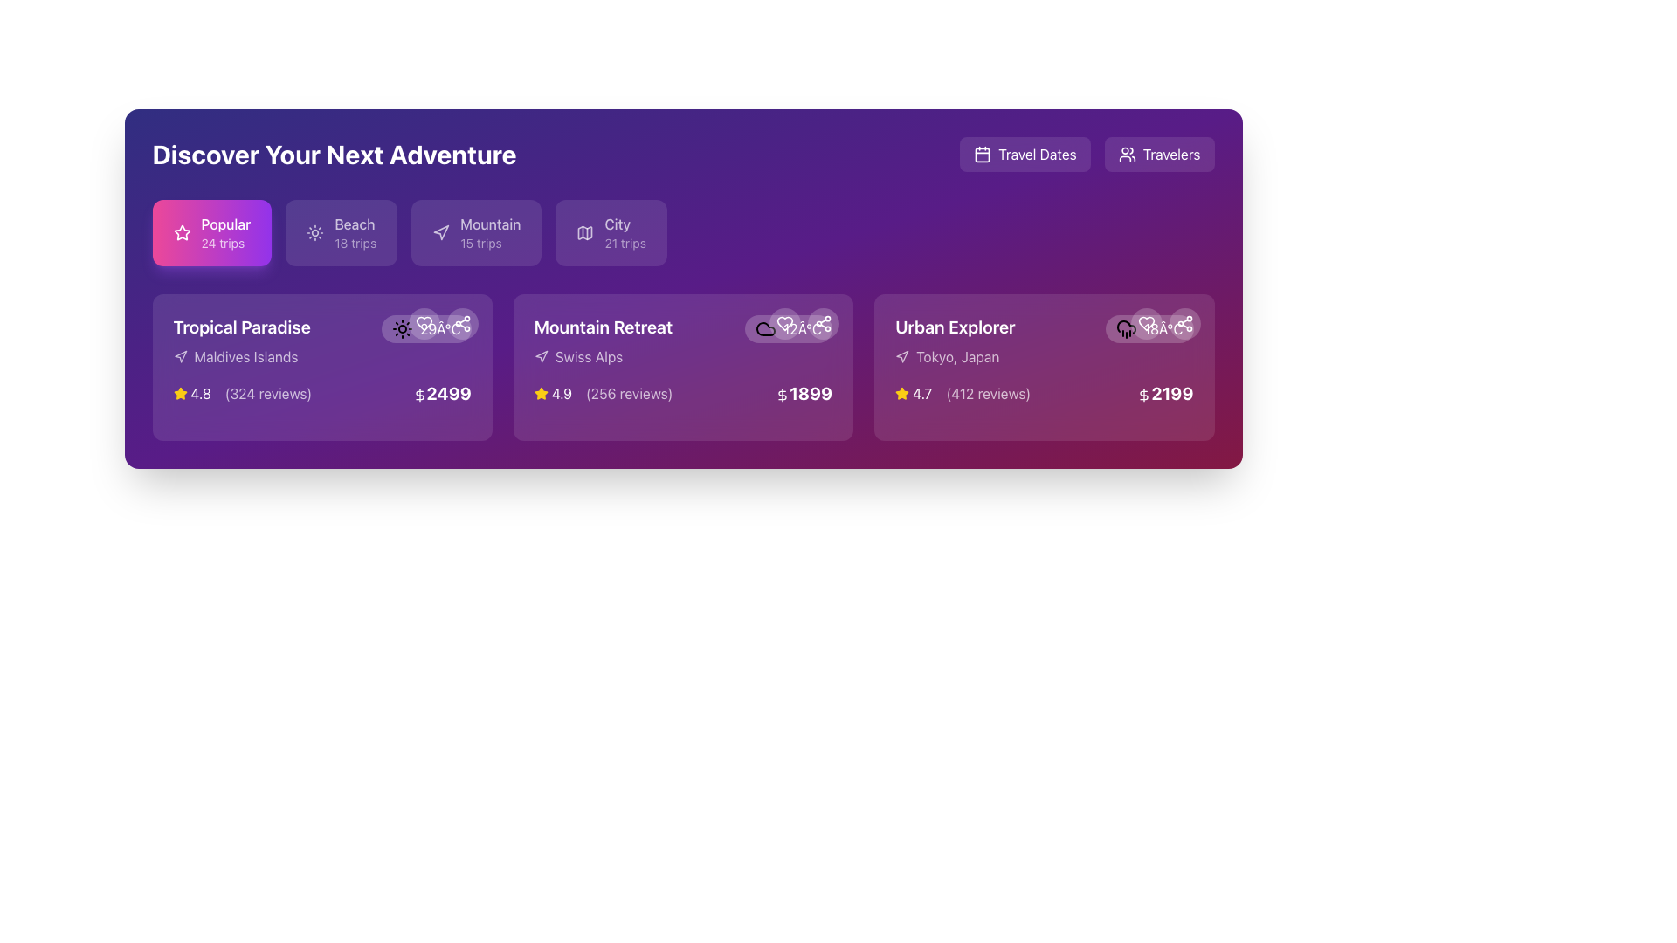 The width and height of the screenshot is (1677, 943). What do you see at coordinates (921, 394) in the screenshot?
I see `the static text label displaying the numerical rating '4.7' located in the card titled 'Urban Explorer' under the subtitle 'Tokyo, Japan'` at bounding box center [921, 394].